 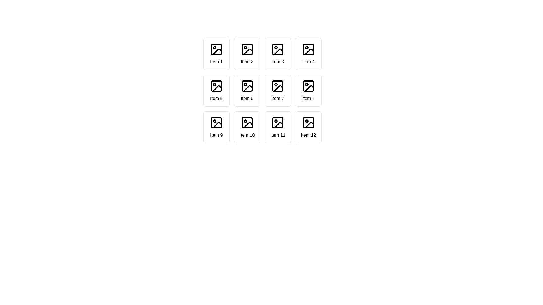 What do you see at coordinates (216, 98) in the screenshot?
I see `descriptive text label located in the second row, first column of a grid layout, which is associated with an image icon above it` at bounding box center [216, 98].